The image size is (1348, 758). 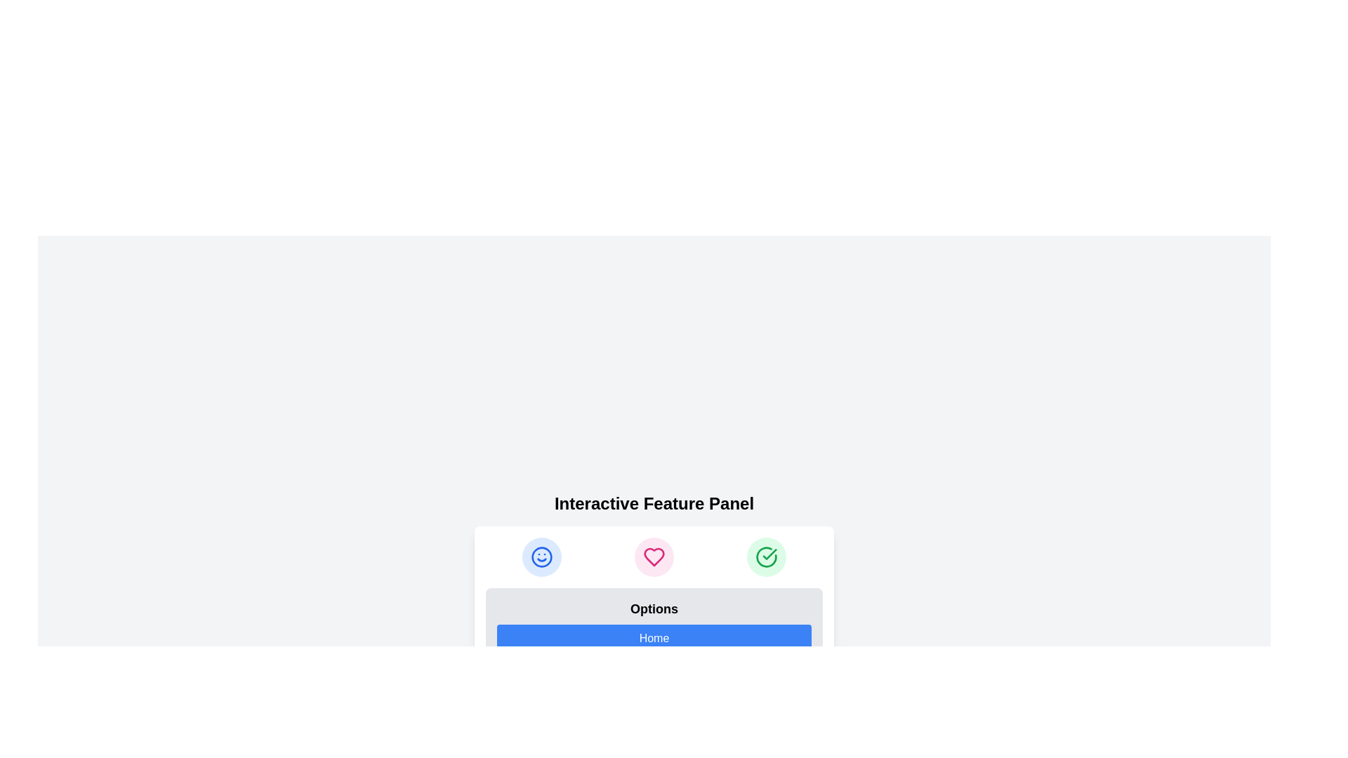 I want to click on the first button below the label 'Options' in the central panel, so click(x=653, y=630).